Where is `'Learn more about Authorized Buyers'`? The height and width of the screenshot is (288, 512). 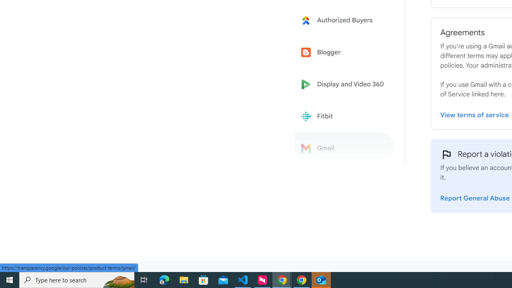 'Learn more about Authorized Buyers' is located at coordinates (345, 20).